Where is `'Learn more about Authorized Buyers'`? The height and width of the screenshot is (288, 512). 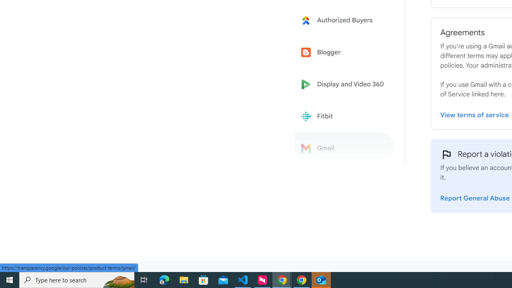 'Learn more about Authorized Buyers' is located at coordinates (345, 20).